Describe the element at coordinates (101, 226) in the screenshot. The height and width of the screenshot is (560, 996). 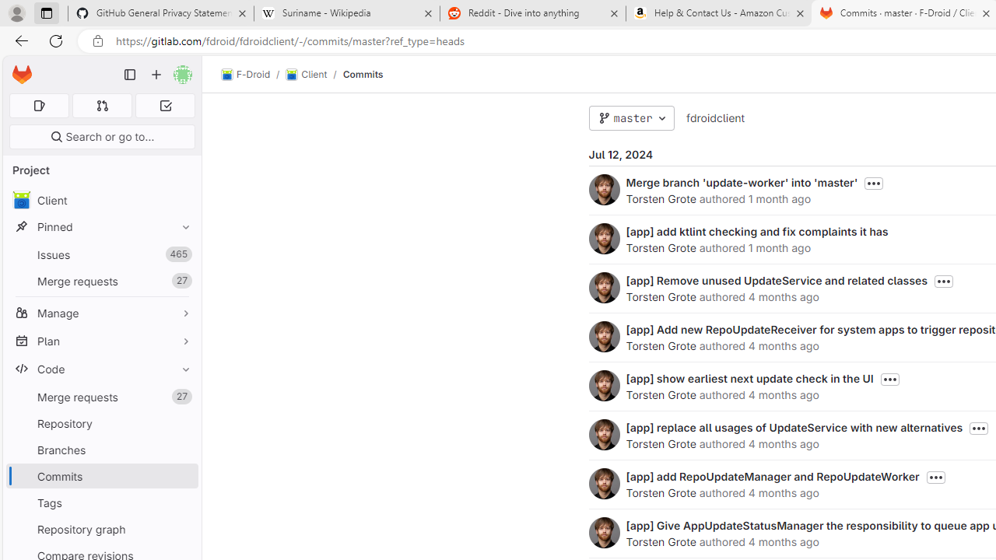
I see `'Pinned'` at that location.